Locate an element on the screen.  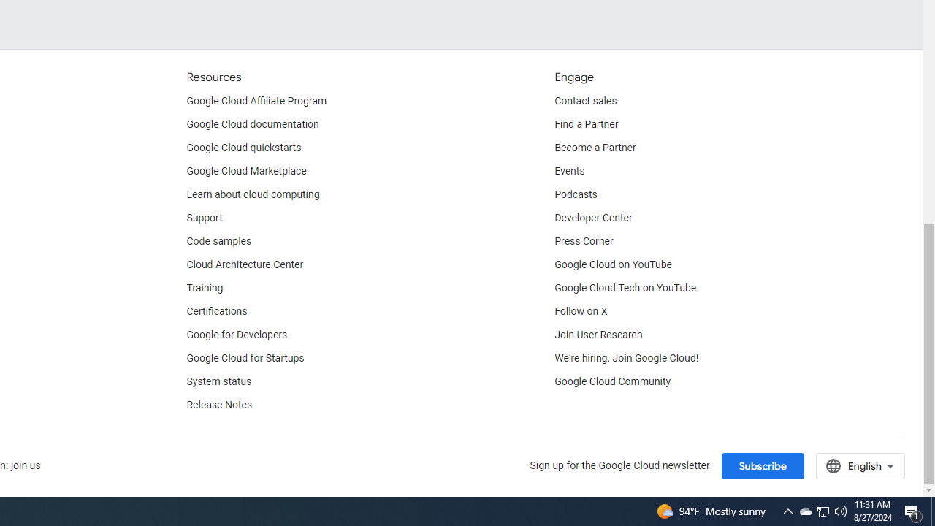
'We' is located at coordinates (627, 359).